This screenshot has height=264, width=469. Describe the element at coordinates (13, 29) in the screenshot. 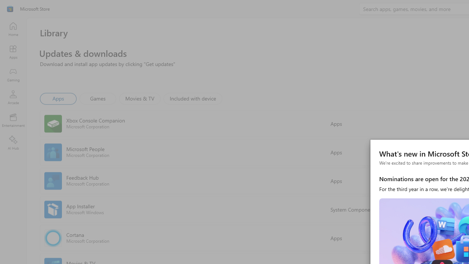

I see `'Home'` at that location.